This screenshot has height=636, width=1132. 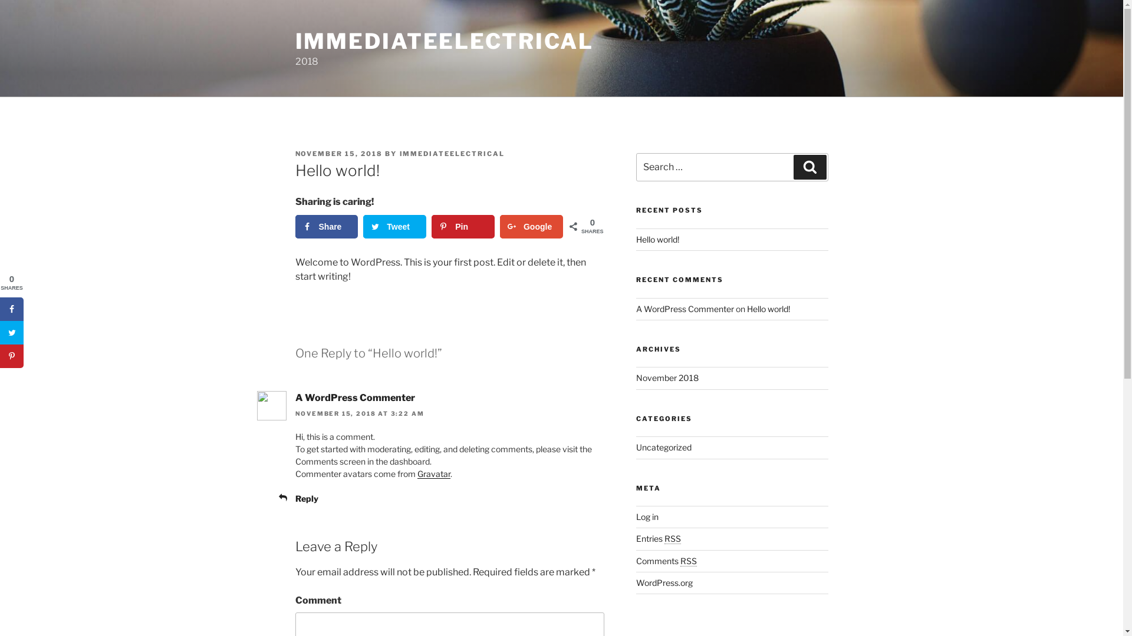 What do you see at coordinates (306, 498) in the screenshot?
I see `'Reply'` at bounding box center [306, 498].